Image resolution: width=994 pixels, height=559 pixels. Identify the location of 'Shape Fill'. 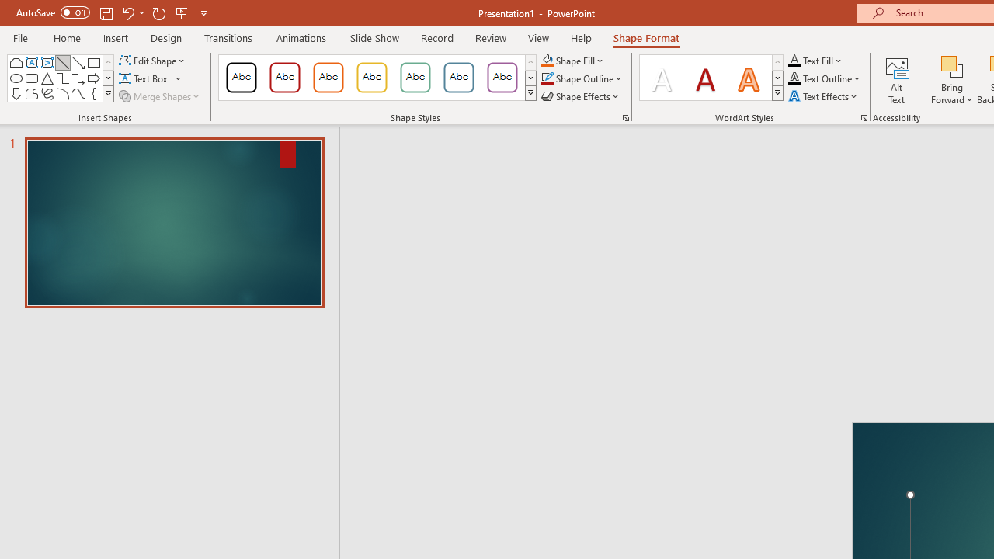
(572, 60).